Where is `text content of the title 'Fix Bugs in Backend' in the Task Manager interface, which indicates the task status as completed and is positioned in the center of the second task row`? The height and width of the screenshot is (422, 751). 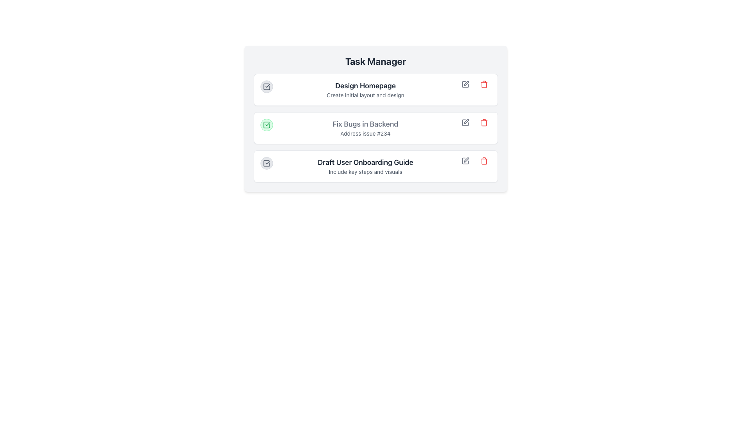
text content of the title 'Fix Bugs in Backend' in the Task Manager interface, which indicates the task status as completed and is positioned in the center of the second task row is located at coordinates (365, 123).